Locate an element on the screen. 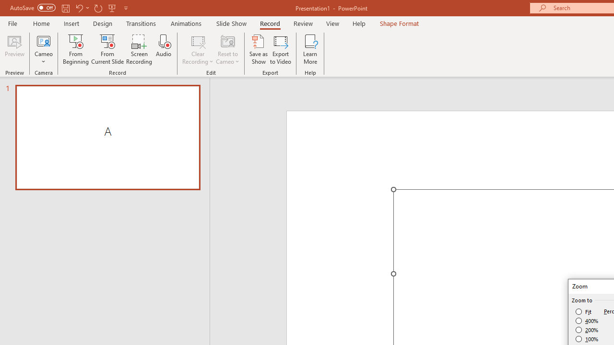 The height and width of the screenshot is (345, 614). 'From Current Slide...' is located at coordinates (107, 49).